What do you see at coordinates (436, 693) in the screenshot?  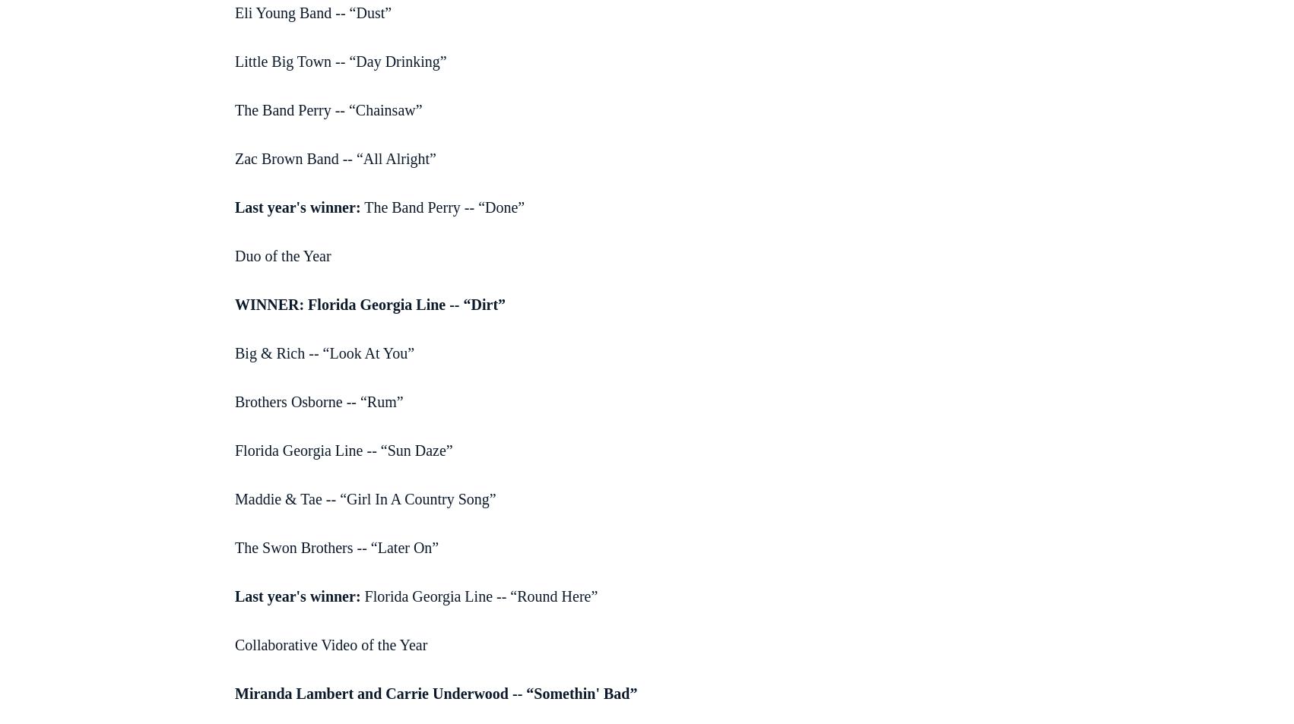 I see `'Miranda Lambert and Carrie Underwood -- “Somethin' Bad”'` at bounding box center [436, 693].